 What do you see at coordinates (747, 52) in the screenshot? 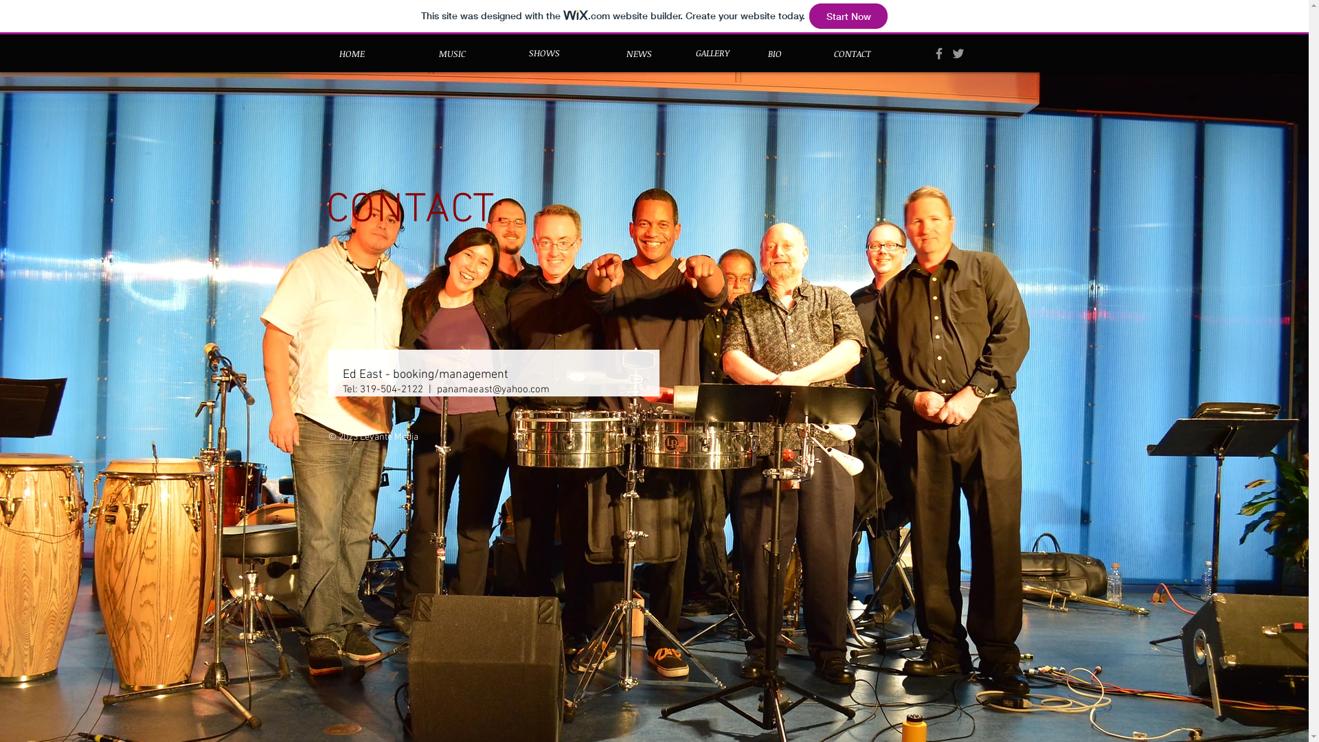
I see `'BIO'` at bounding box center [747, 52].